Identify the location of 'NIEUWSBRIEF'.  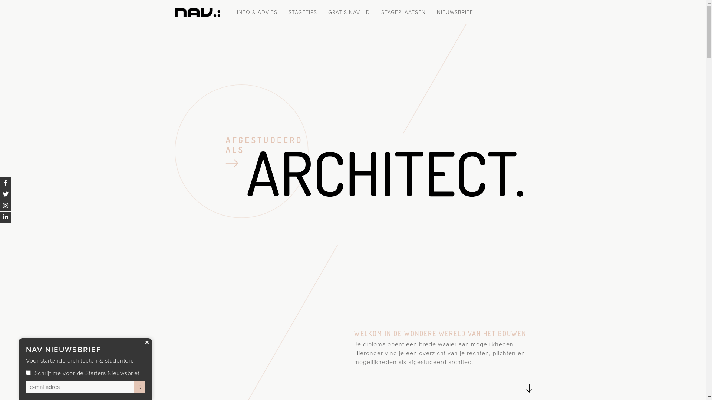
(455, 12).